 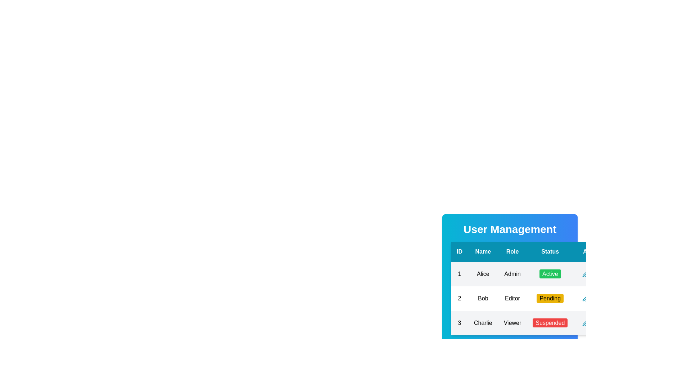 What do you see at coordinates (532, 323) in the screenshot?
I see `the third row in the User Management table representing user Charlie, who has the role of Viewer and account status Suspended` at bounding box center [532, 323].